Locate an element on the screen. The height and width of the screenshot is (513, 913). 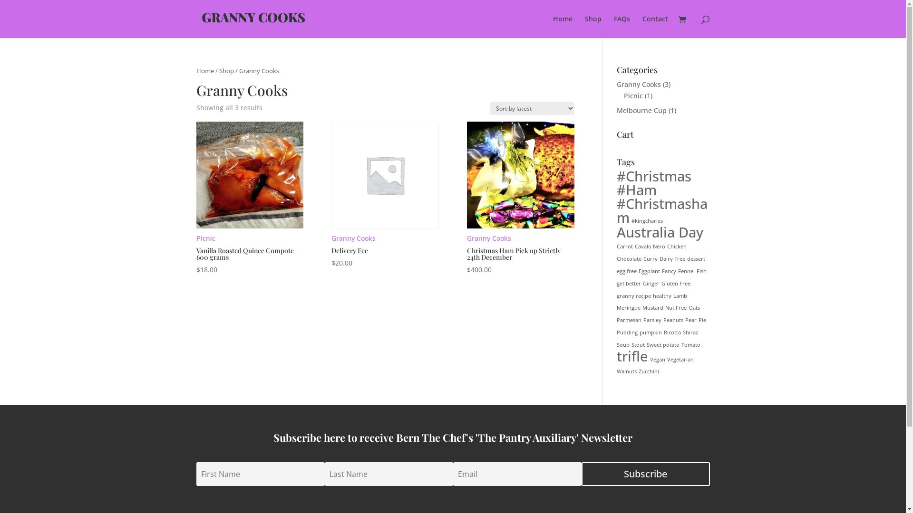
'Melbourne Cup' is located at coordinates (641, 110).